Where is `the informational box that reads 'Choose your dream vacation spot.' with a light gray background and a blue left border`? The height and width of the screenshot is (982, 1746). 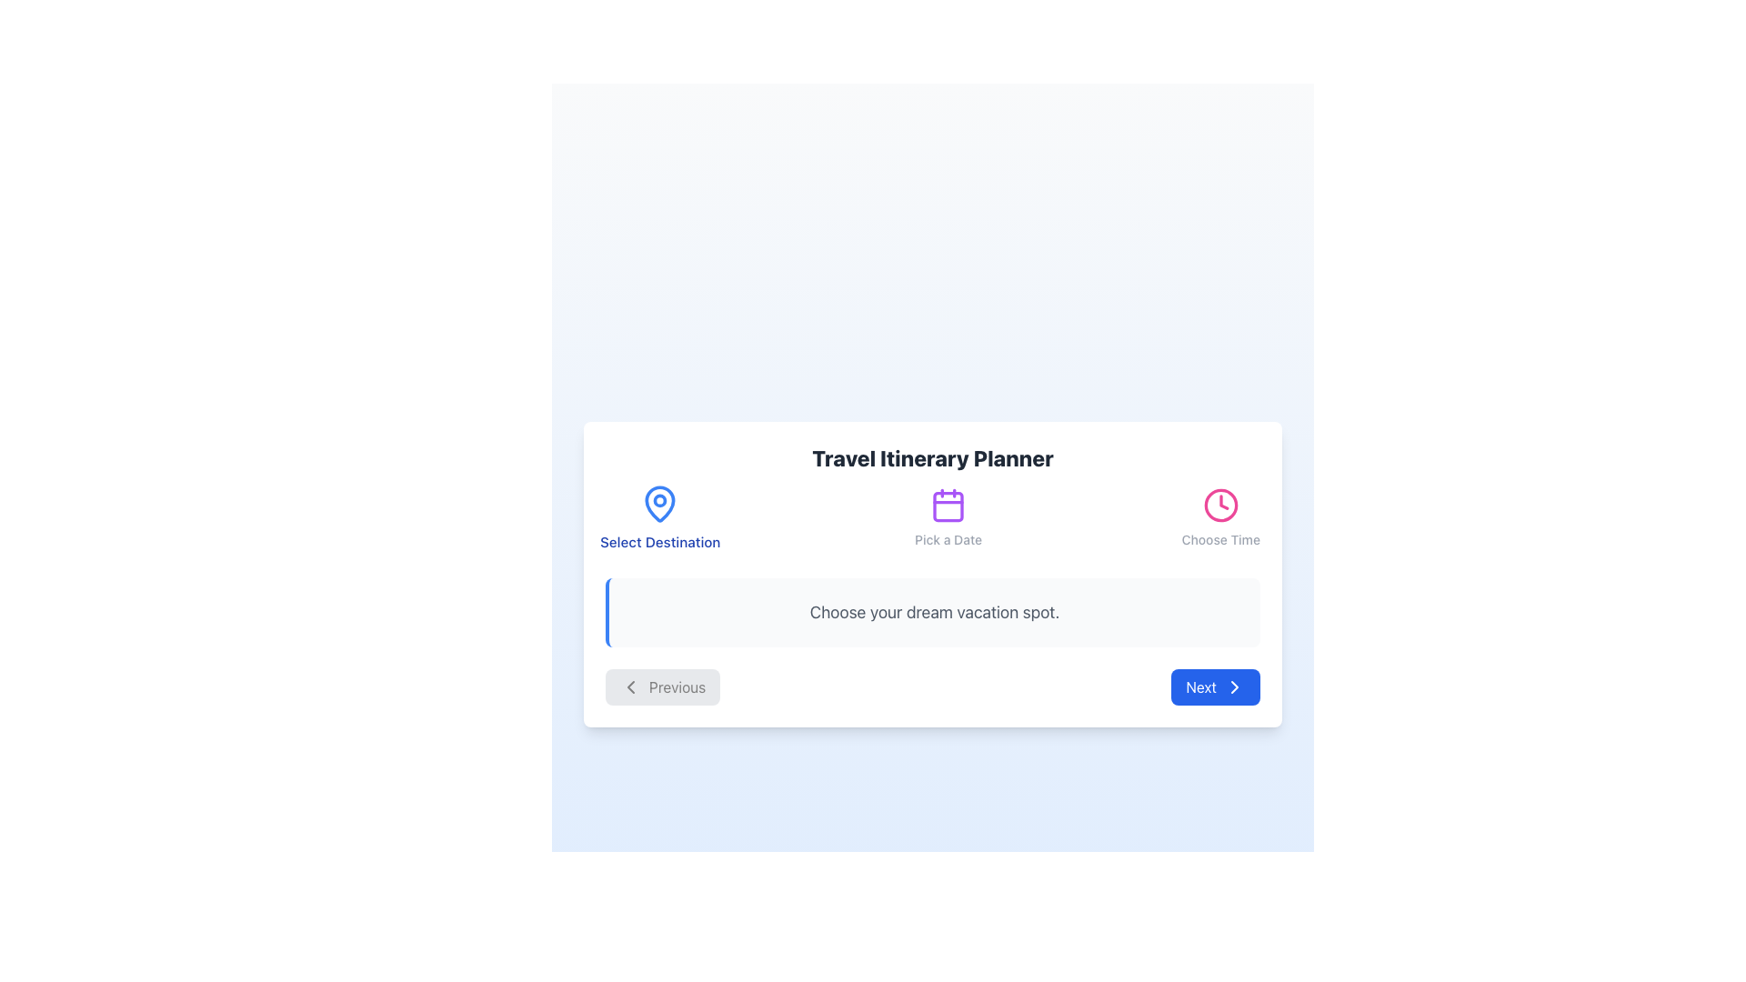
the informational box that reads 'Choose your dream vacation spot.' with a light gray background and a blue left border is located at coordinates (933, 613).